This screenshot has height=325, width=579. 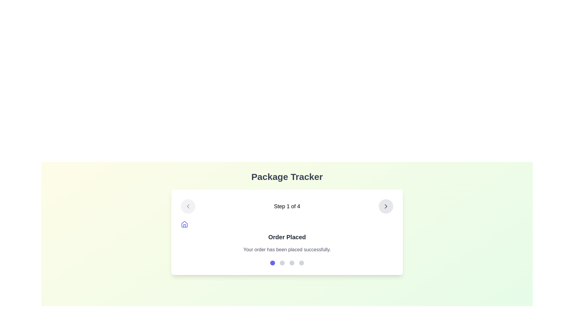 I want to click on the individual dot in the Progress indicator located in the bottom part of the 'Package Tracker' card, so click(x=286, y=263).